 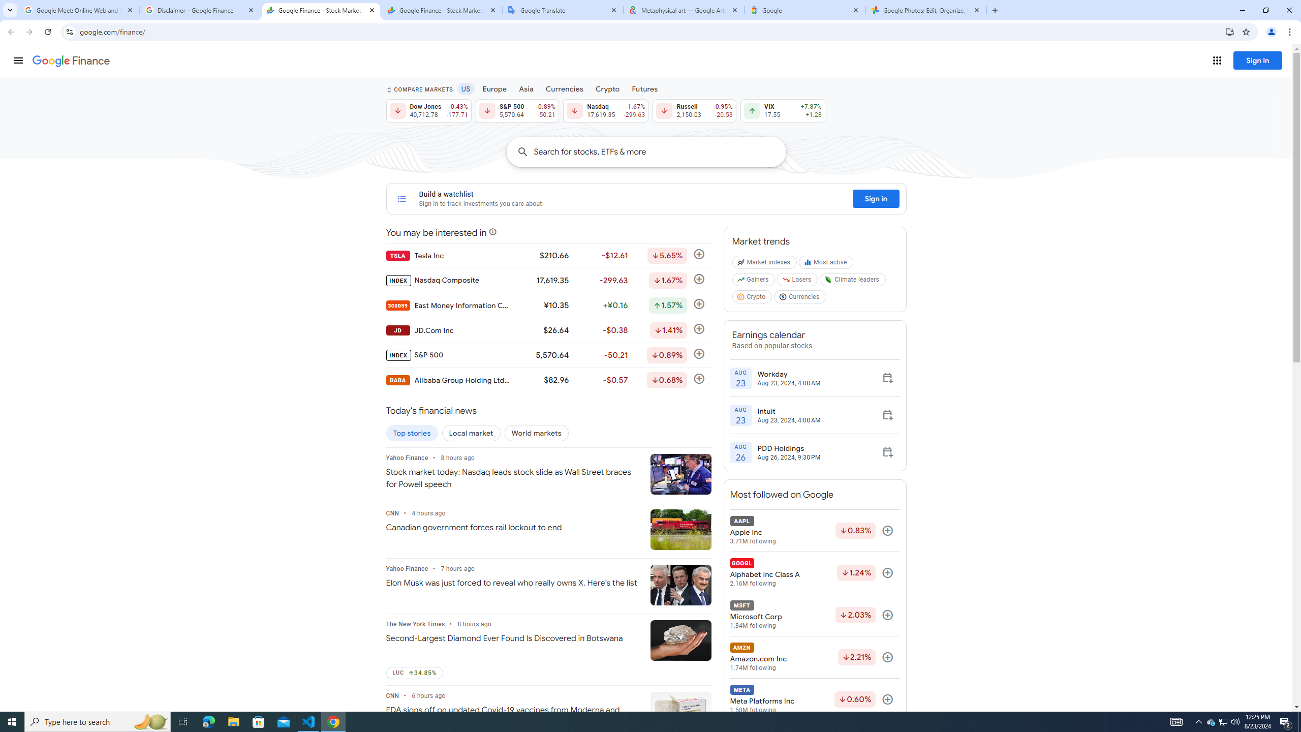 I want to click on 'TSLA Tesla Inc $210.66 -$12.61 Down by 5.65% Follow', so click(x=548, y=255).